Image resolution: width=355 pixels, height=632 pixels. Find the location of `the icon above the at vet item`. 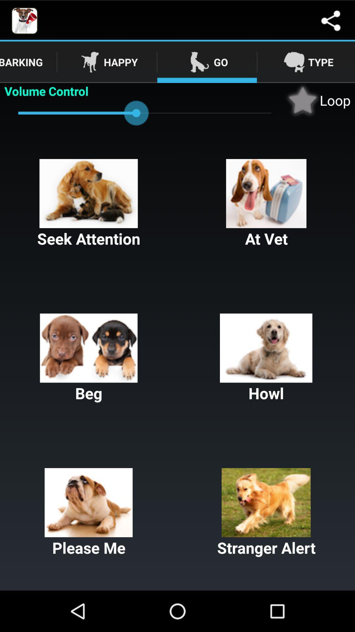

the icon above the at vet item is located at coordinates (318, 100).